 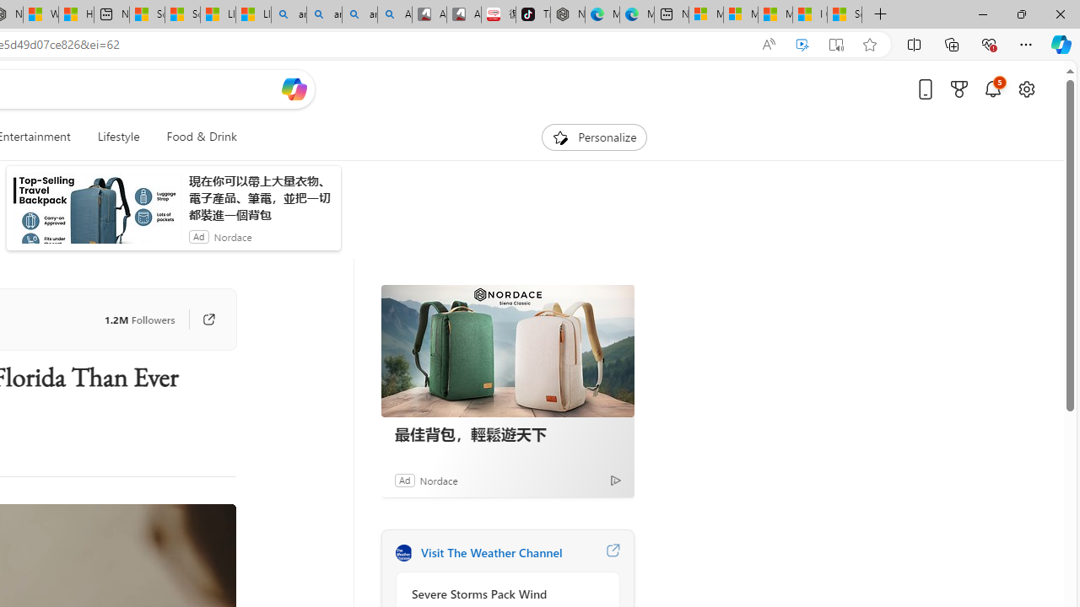 What do you see at coordinates (463, 14) in the screenshot?
I see `'All Cubot phones'` at bounding box center [463, 14].